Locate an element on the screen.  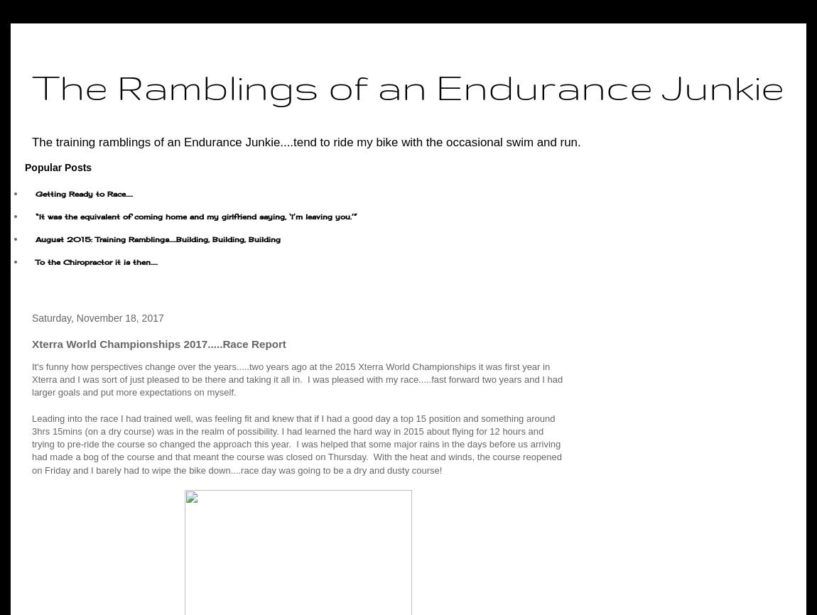
'Leading into the race I had trained well, was feeling fit and knew that if I had a good day a top 15 position and something around 3hrs 15mins (on a dry course) was in the realm of possibility. I had learned the hard way in 2015 about flying for 12 hours and trying to pre-ride the course so changed the approach this year.  I was helped that some major rains in the days before us arriving had made a bog of the course and that meant the course was closed on Thursday.  With the heat and winds, the course reopened on Friday and I barely had to wipe the bike down....race day was going to be a dry and dusty course!' is located at coordinates (297, 443).